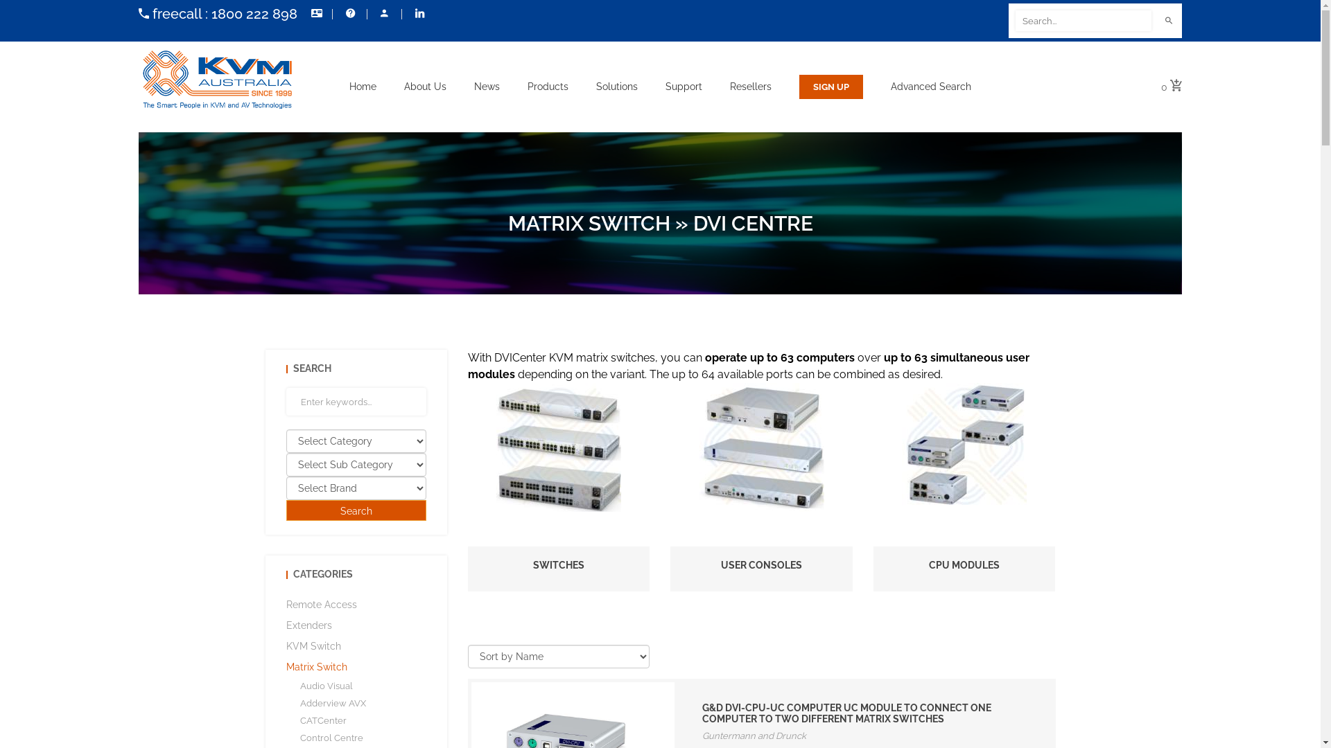  What do you see at coordinates (729, 85) in the screenshot?
I see `'Resellers'` at bounding box center [729, 85].